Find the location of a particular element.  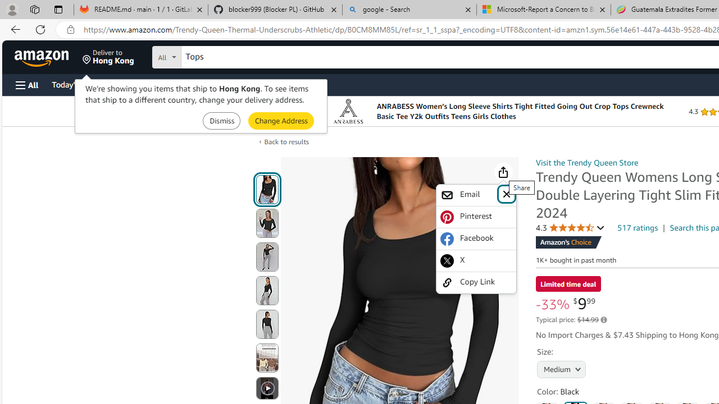

'517 ratings' is located at coordinates (638, 227).